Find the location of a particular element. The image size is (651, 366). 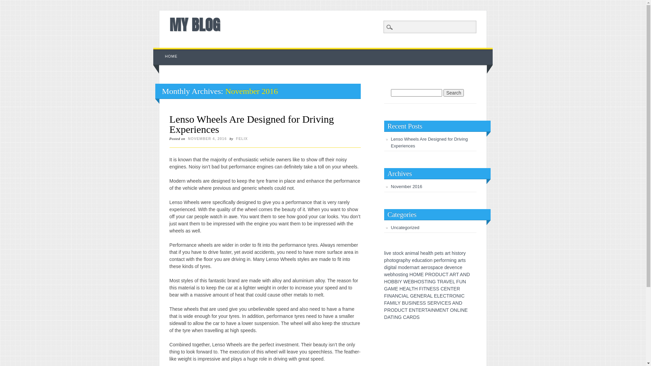

'B' is located at coordinates (393, 281).